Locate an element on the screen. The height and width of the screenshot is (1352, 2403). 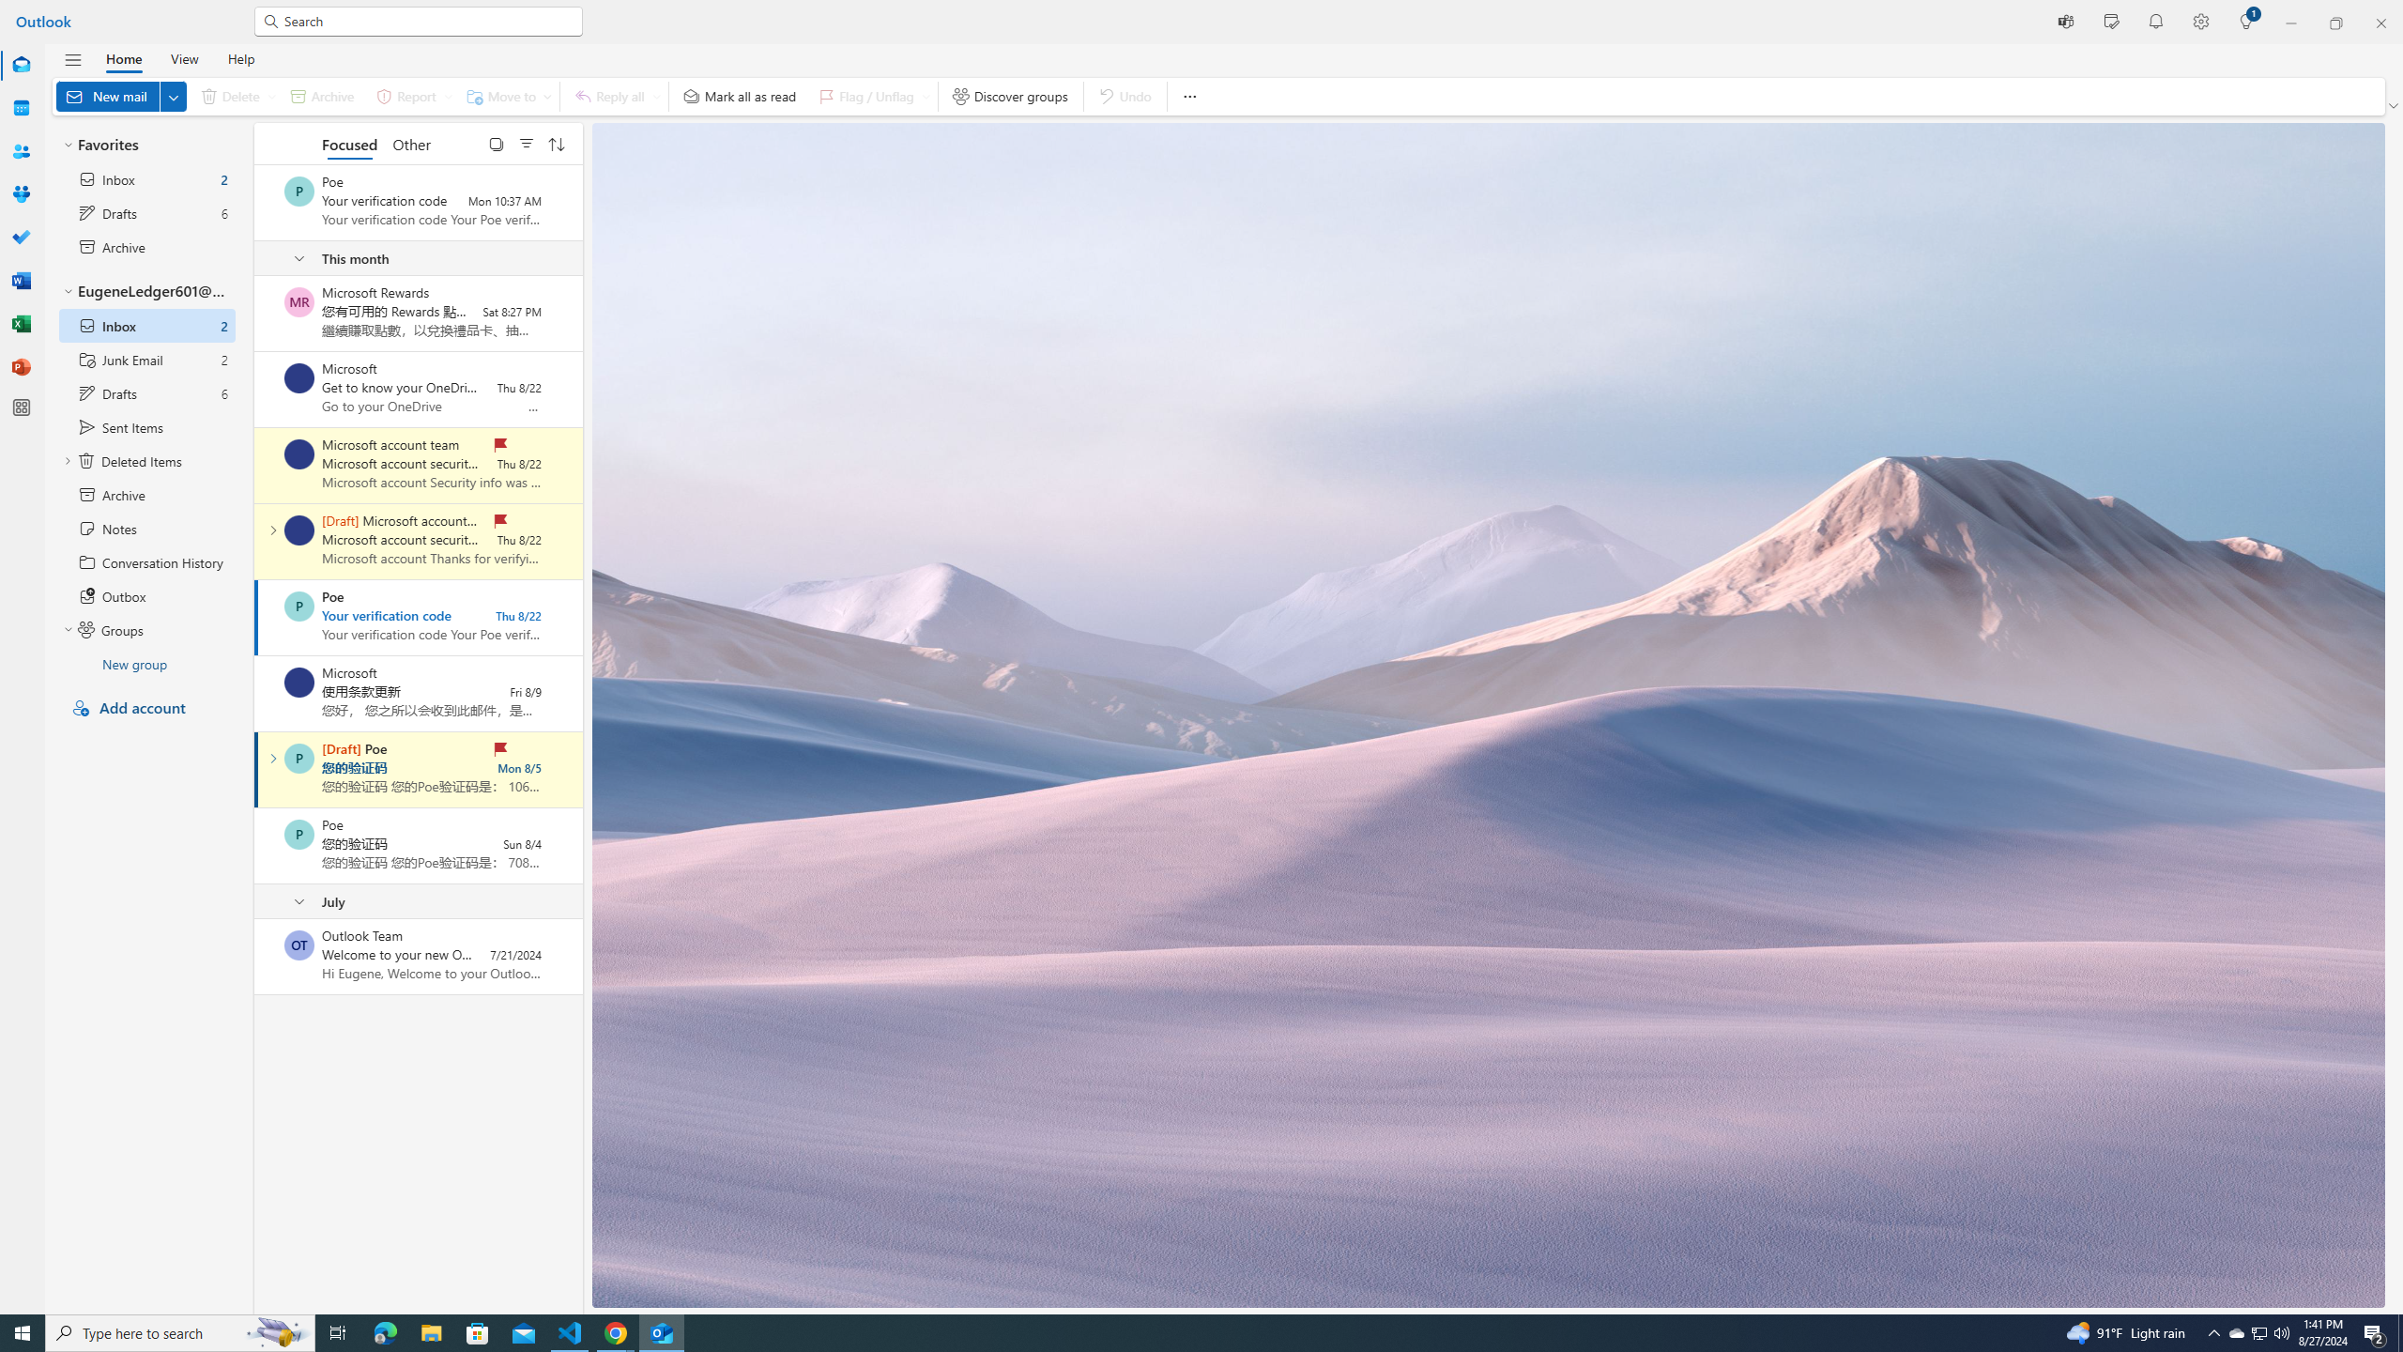
'Mail' is located at coordinates (22, 64).